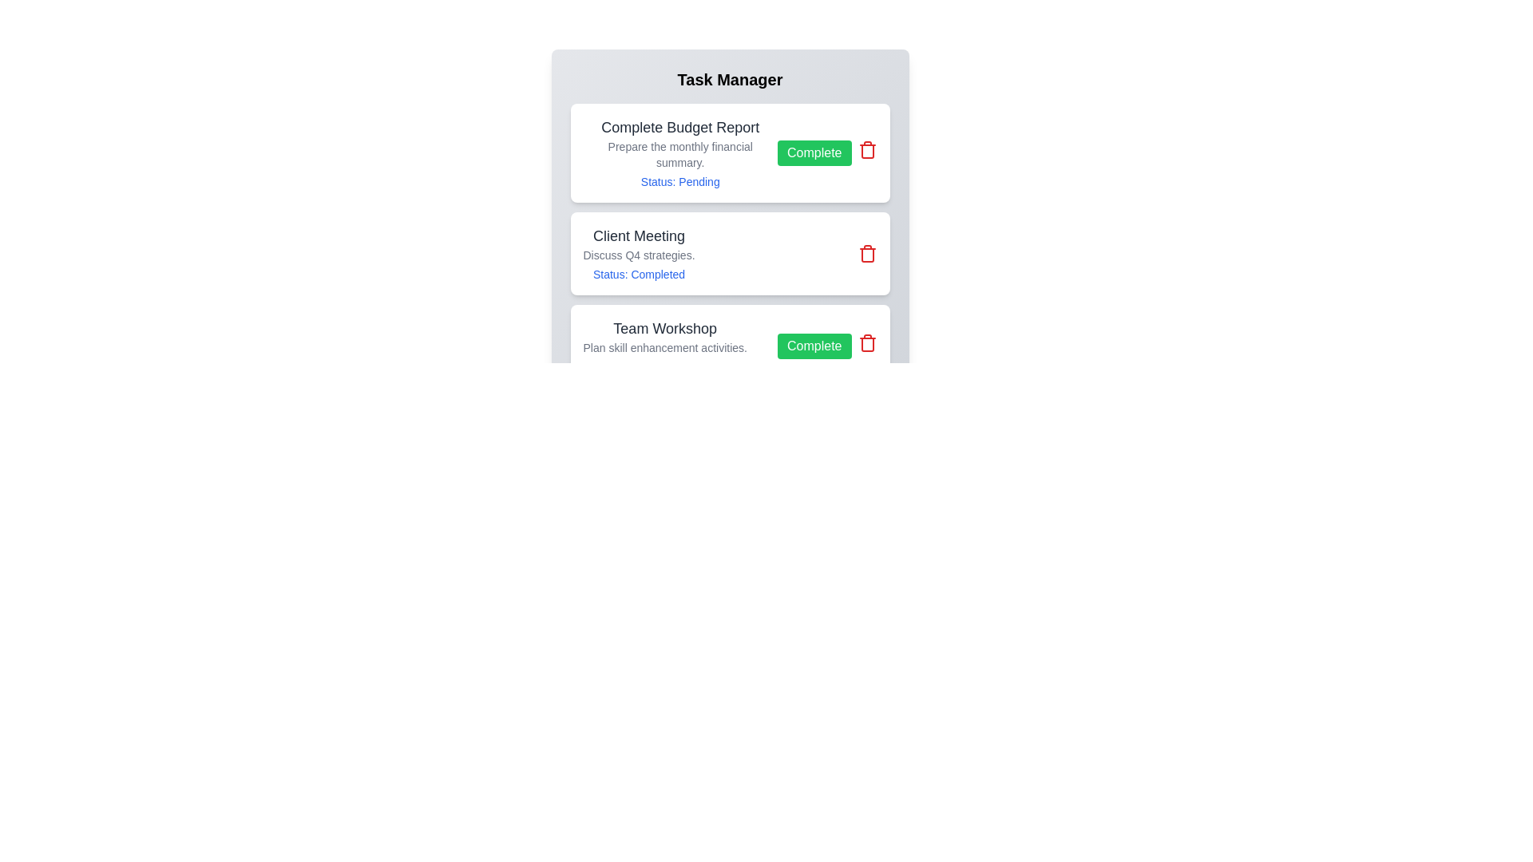  Describe the element at coordinates (679, 153) in the screenshot. I see `the task card for 'Complete Budget Report' to view its details` at that location.